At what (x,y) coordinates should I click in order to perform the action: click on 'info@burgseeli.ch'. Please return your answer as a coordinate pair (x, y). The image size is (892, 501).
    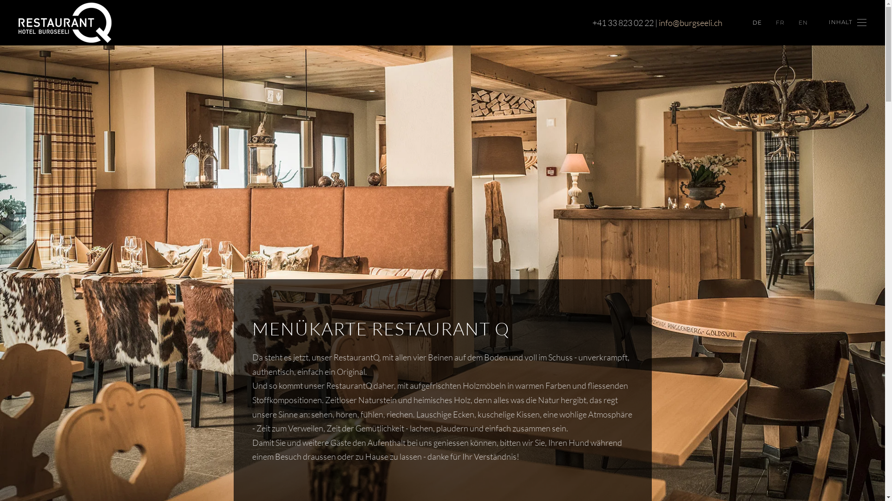
    Looking at the image, I should click on (658, 22).